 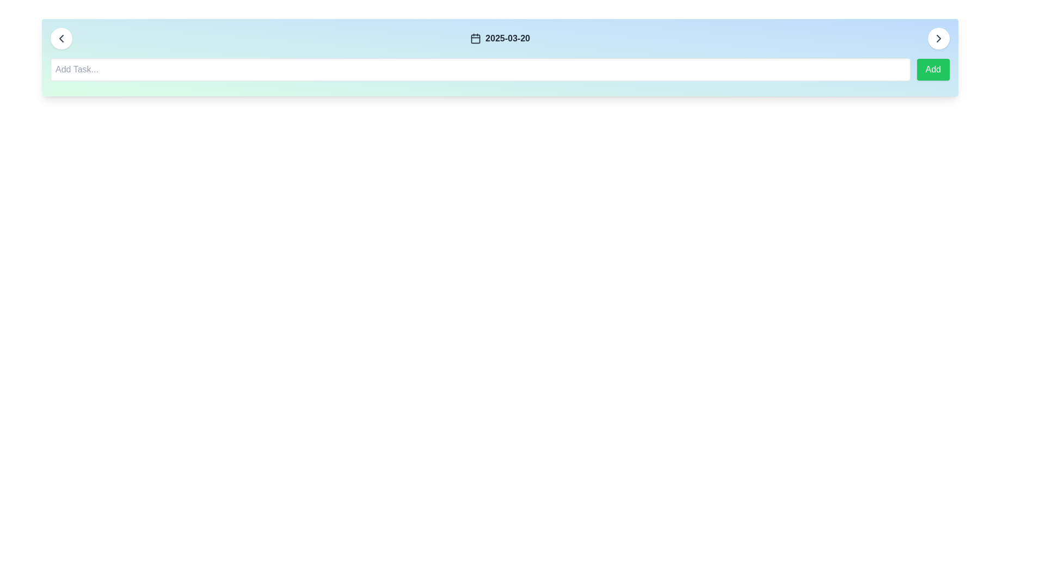 I want to click on the Chevron Arrow icon located at the top-right corner of the interface, which is part of a collapse-expand or navigation mechanism, so click(x=938, y=38).